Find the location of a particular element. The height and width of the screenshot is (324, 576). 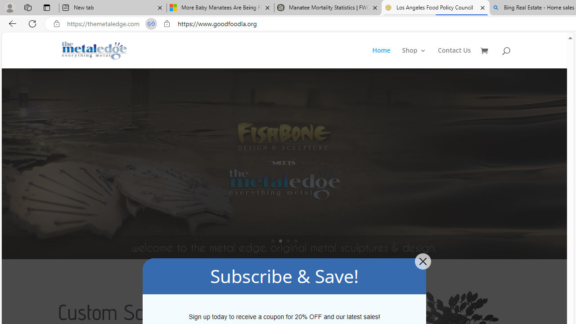

'Shop3' is located at coordinates (418, 58).